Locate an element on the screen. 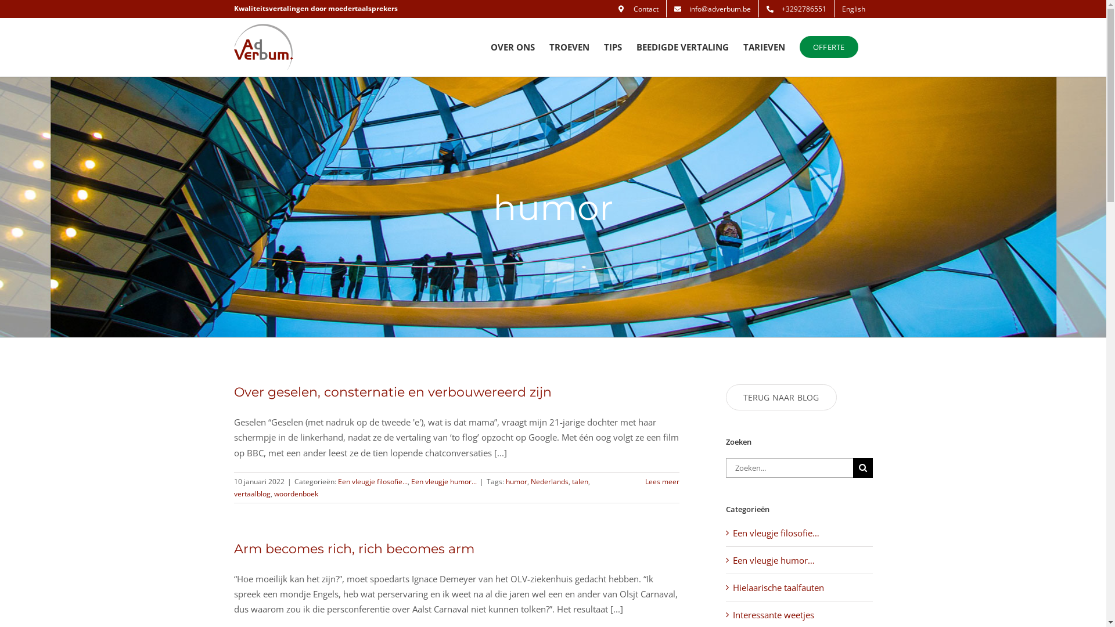 The height and width of the screenshot is (627, 1115). 'TROEVEN' is located at coordinates (569, 46).